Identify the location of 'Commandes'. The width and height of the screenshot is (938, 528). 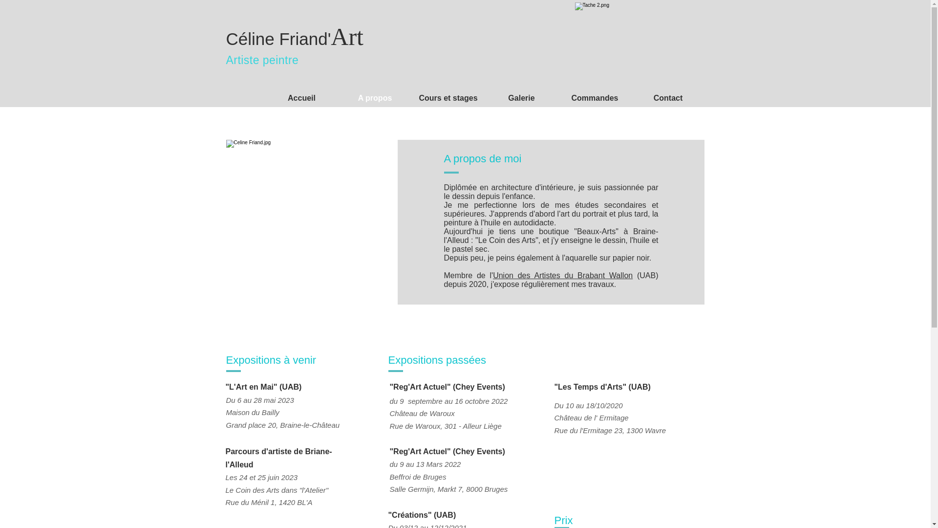
(594, 98).